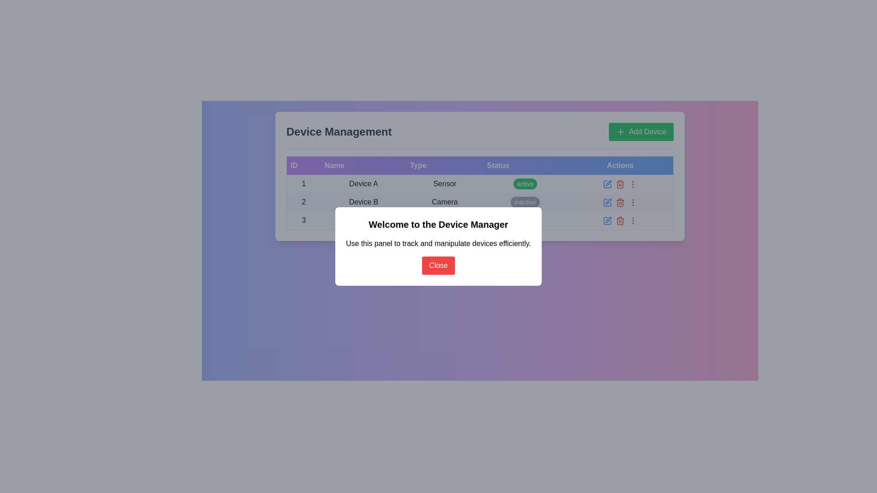 This screenshot has width=877, height=493. What do you see at coordinates (480, 202) in the screenshot?
I see `the second row in the table that contains details about 'Device B', which includes its identifier '2', type 'Camera', and status 'inactive'` at bounding box center [480, 202].